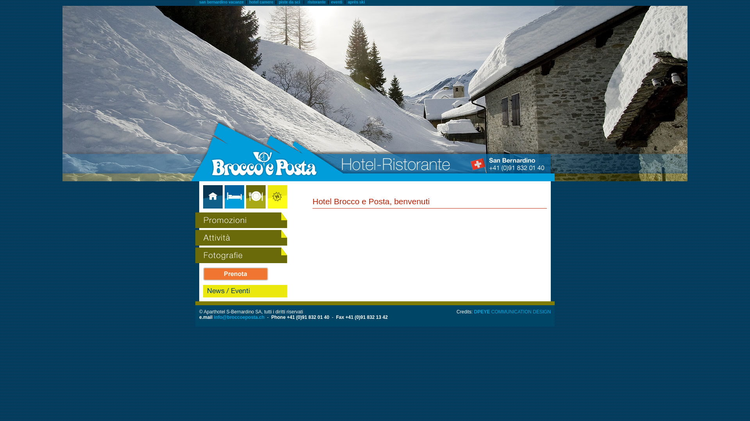 Image resolution: width=750 pixels, height=421 pixels. I want to click on 'info@broccoeposta.ch', so click(238, 317).